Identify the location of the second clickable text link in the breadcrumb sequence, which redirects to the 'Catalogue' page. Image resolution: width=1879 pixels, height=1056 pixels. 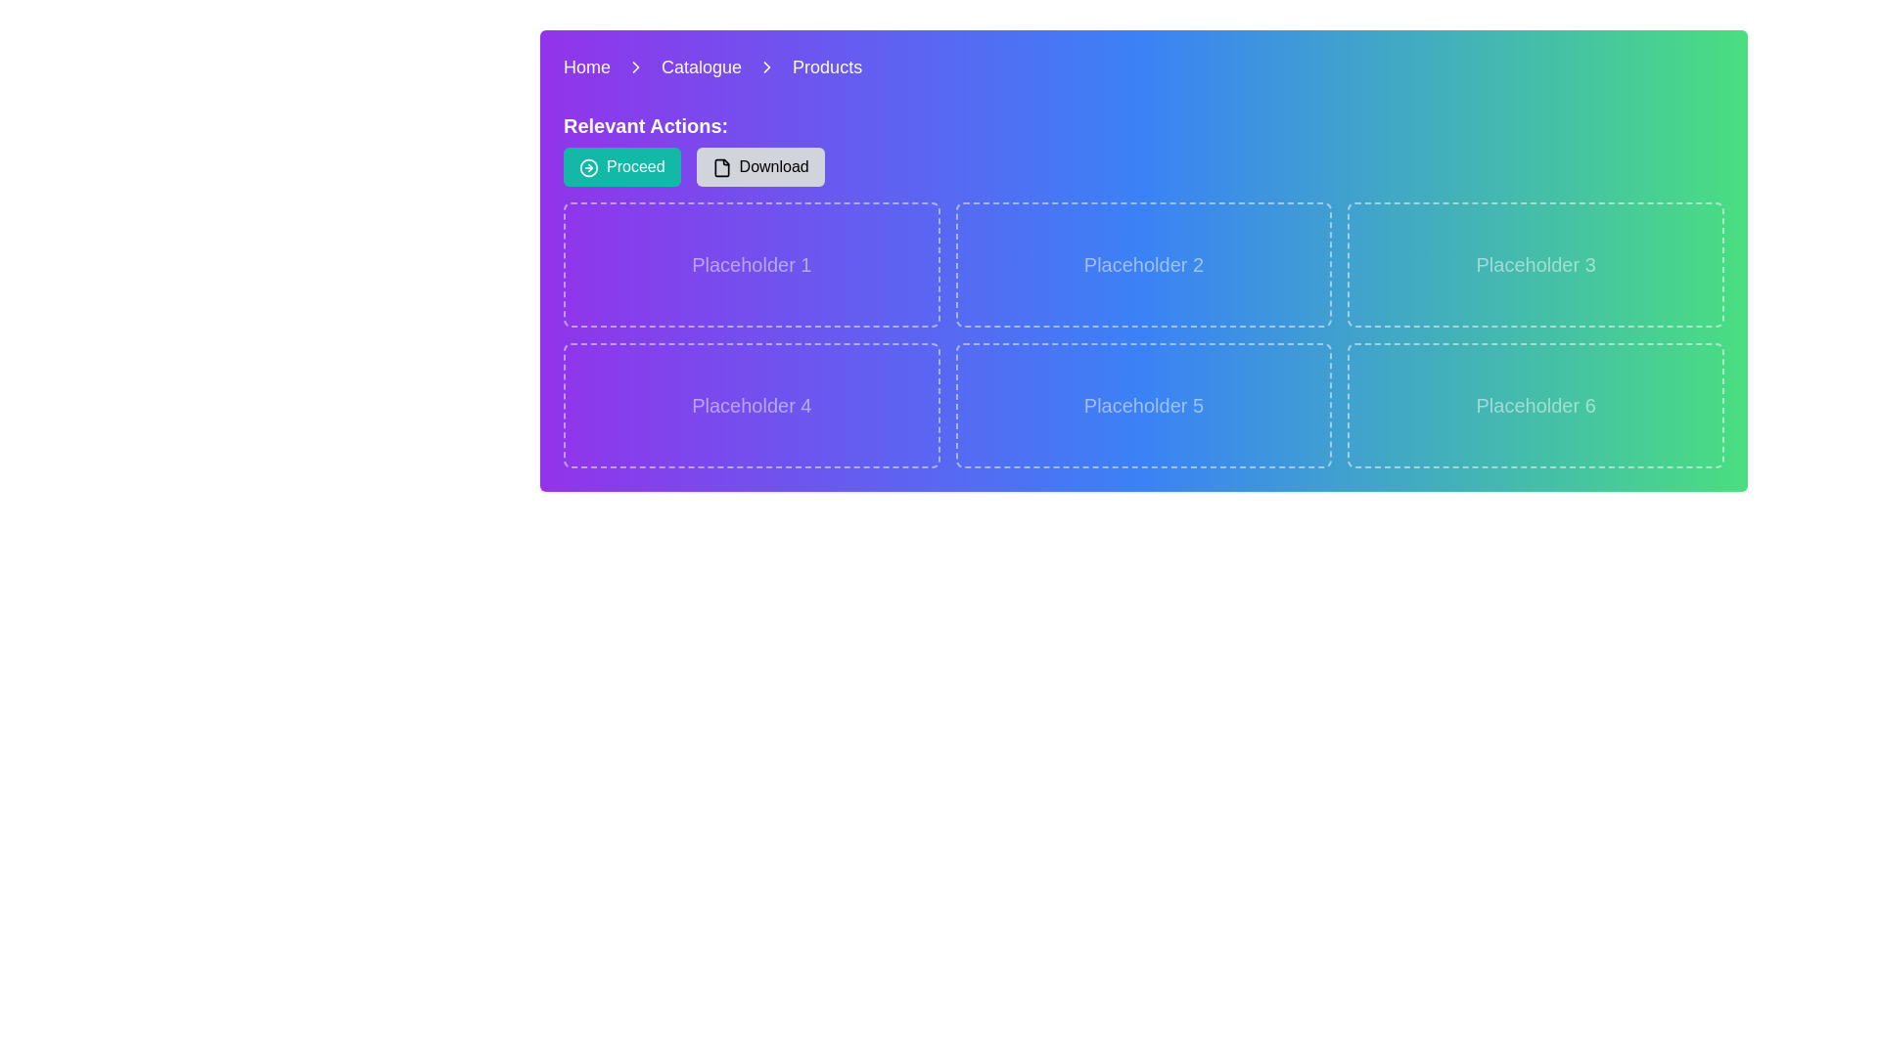
(702, 66).